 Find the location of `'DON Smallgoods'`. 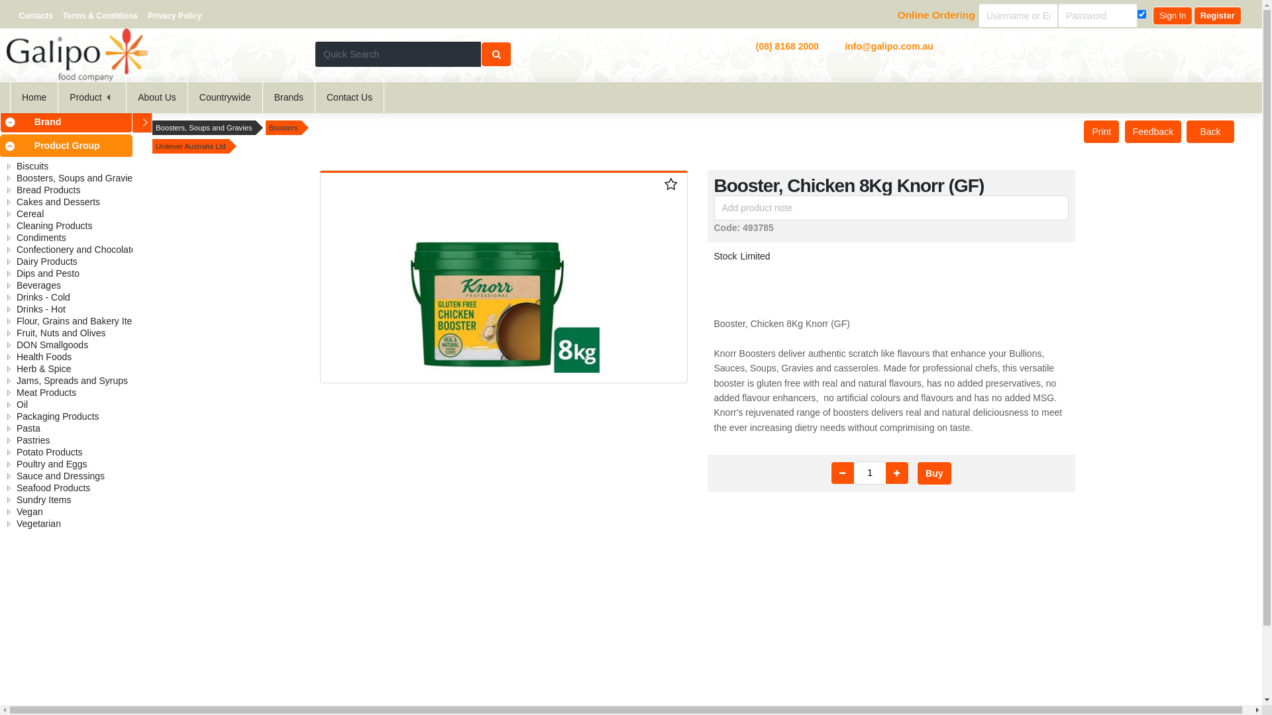

'DON Smallgoods' is located at coordinates (52, 344).